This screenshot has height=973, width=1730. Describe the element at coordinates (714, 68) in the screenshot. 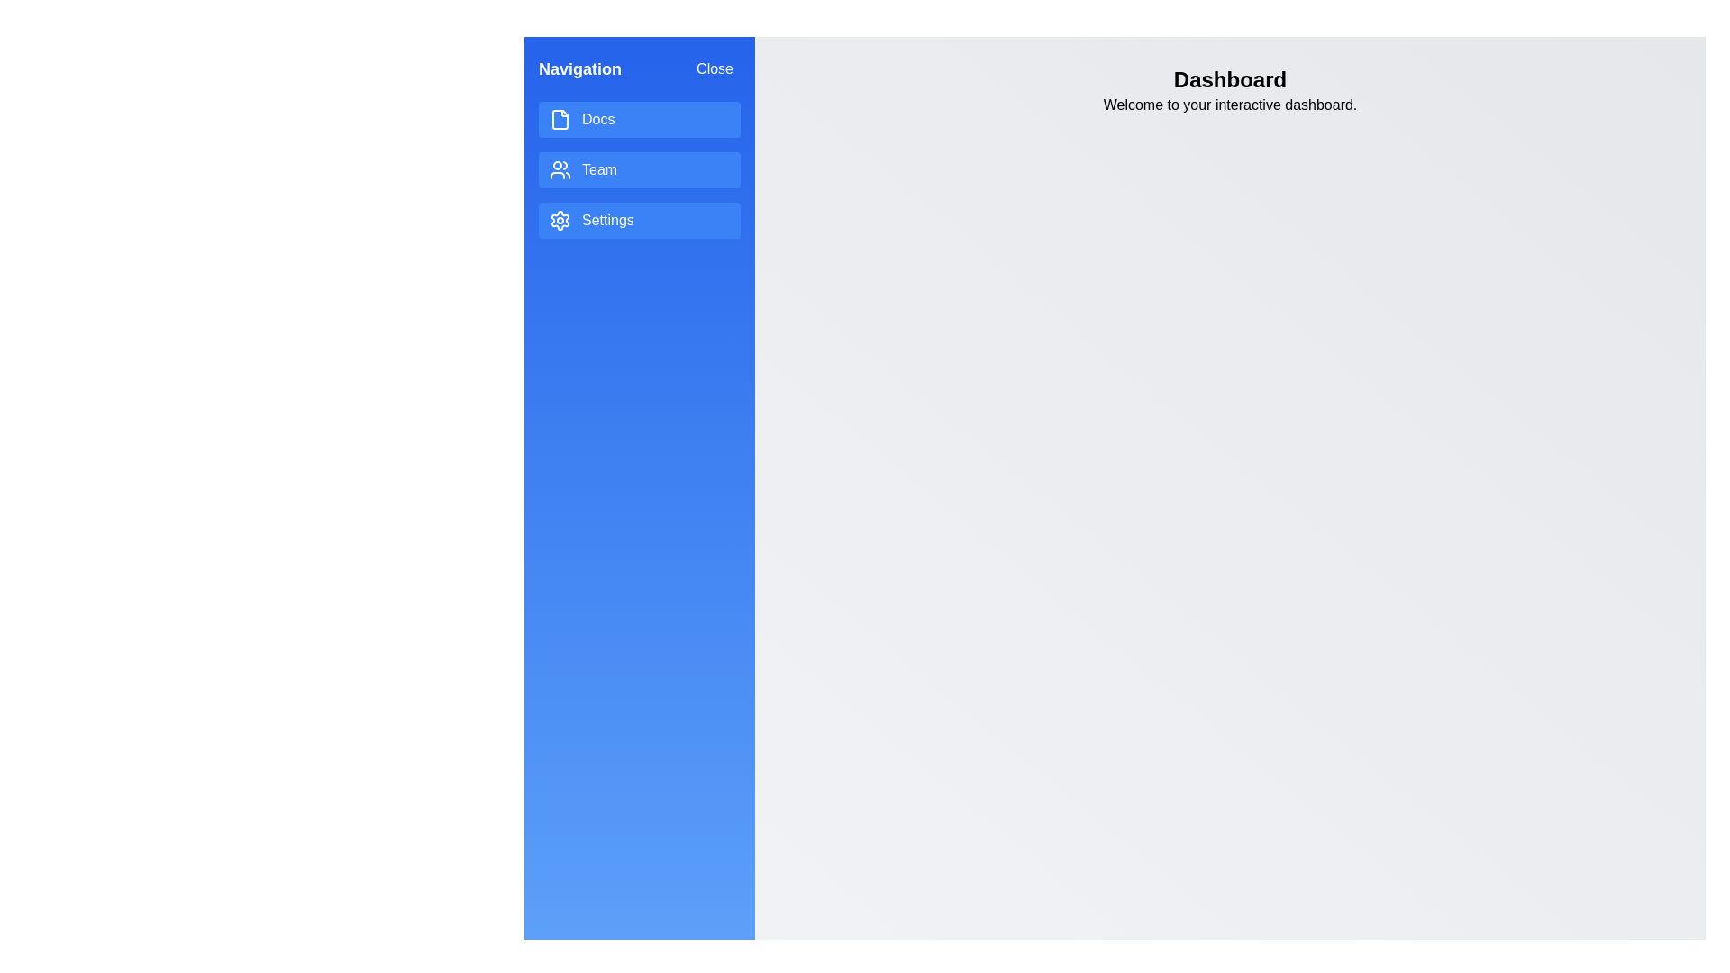

I see `'Close' button to toggle the drawer closed` at that location.